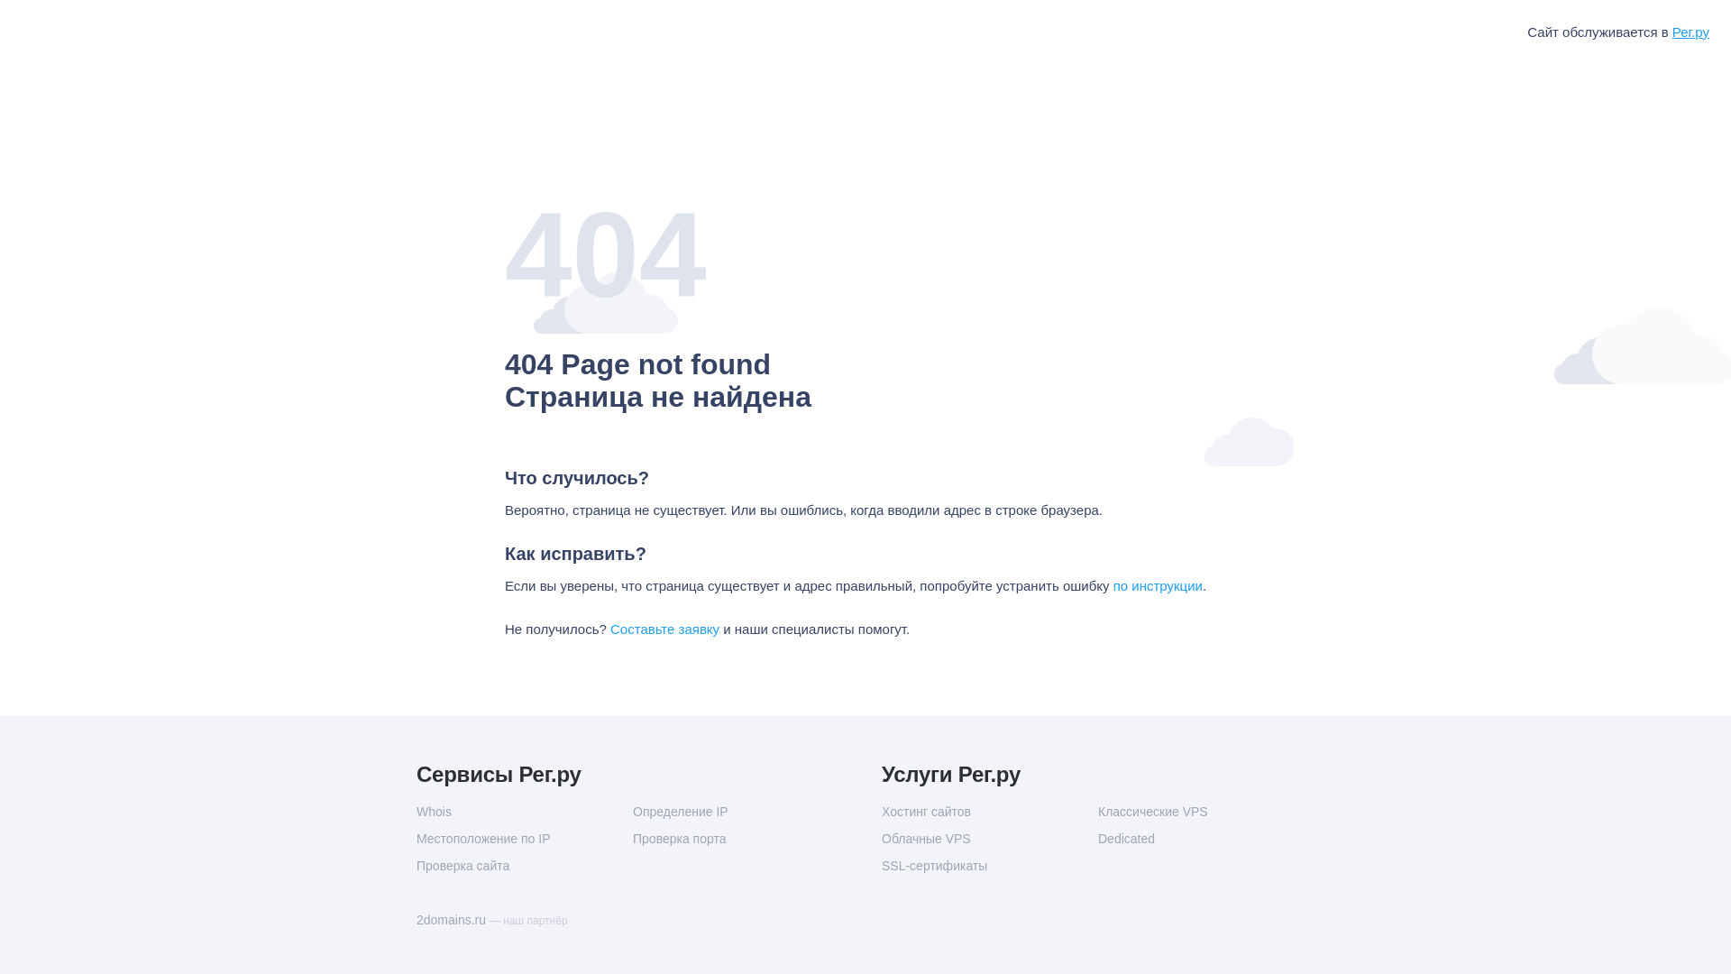  What do you see at coordinates (453, 919) in the screenshot?
I see `'2domains.ru'` at bounding box center [453, 919].